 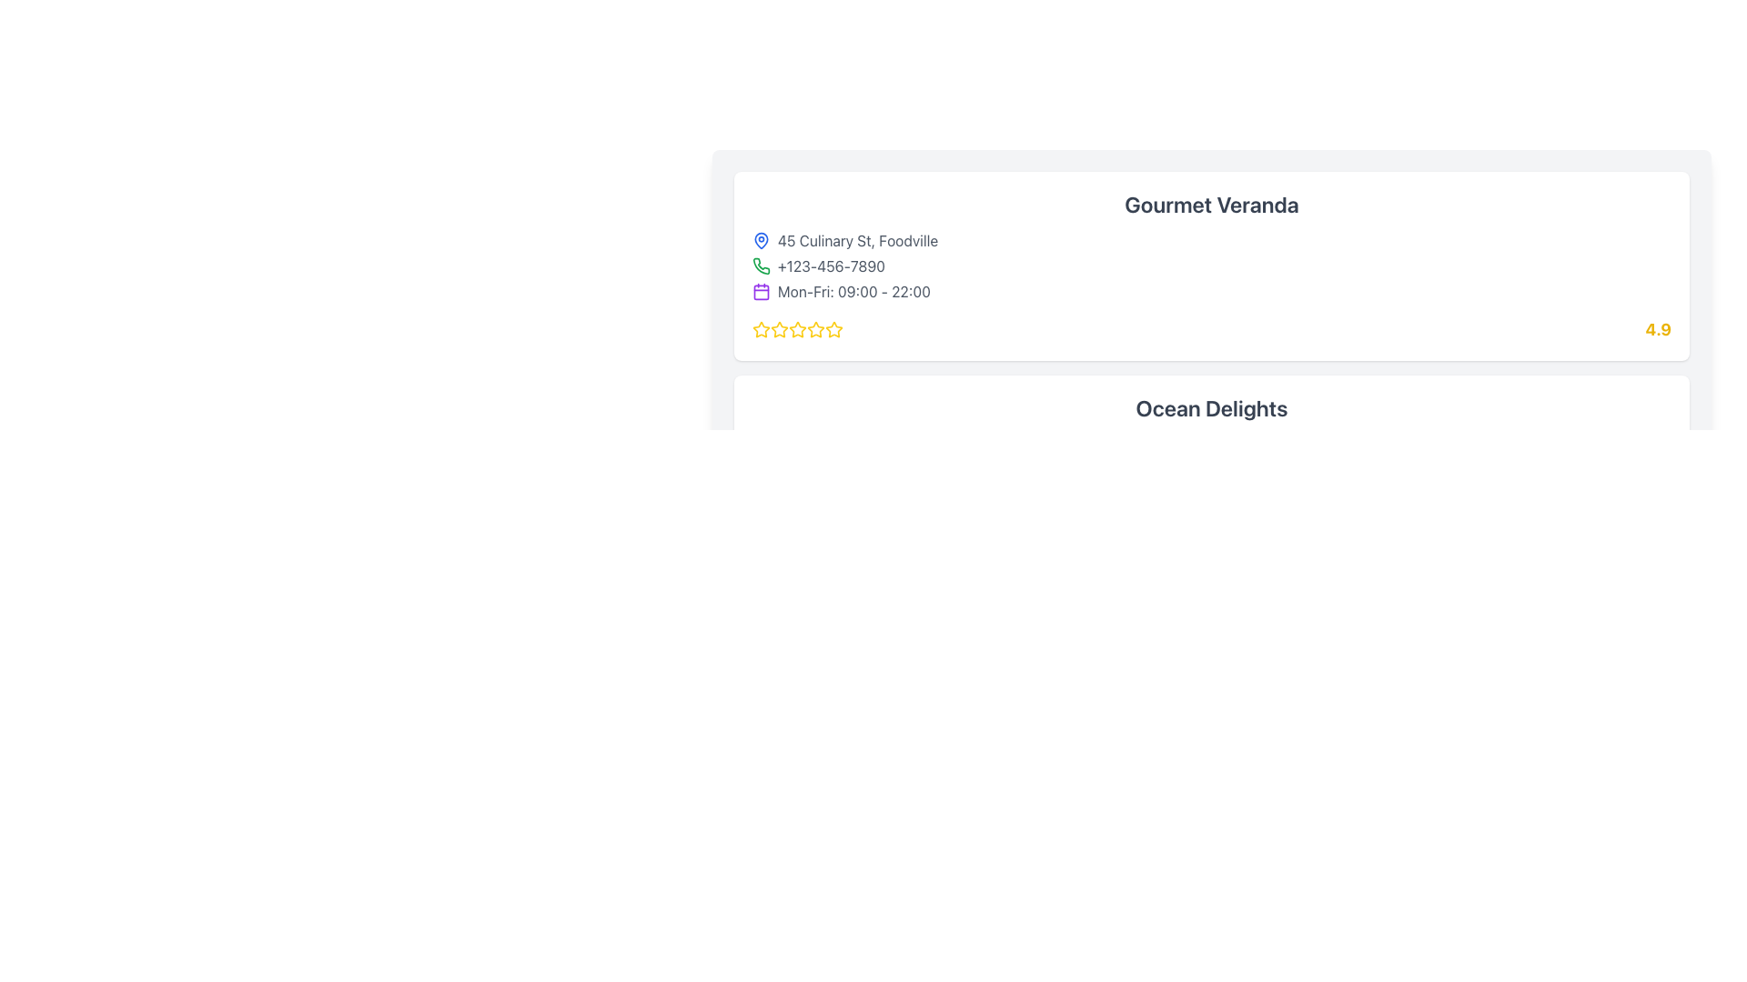 What do you see at coordinates (780, 329) in the screenshot?
I see `the first star icon in the visual rating system located at the bottom of the 'Gourmet Veranda' card` at bounding box center [780, 329].